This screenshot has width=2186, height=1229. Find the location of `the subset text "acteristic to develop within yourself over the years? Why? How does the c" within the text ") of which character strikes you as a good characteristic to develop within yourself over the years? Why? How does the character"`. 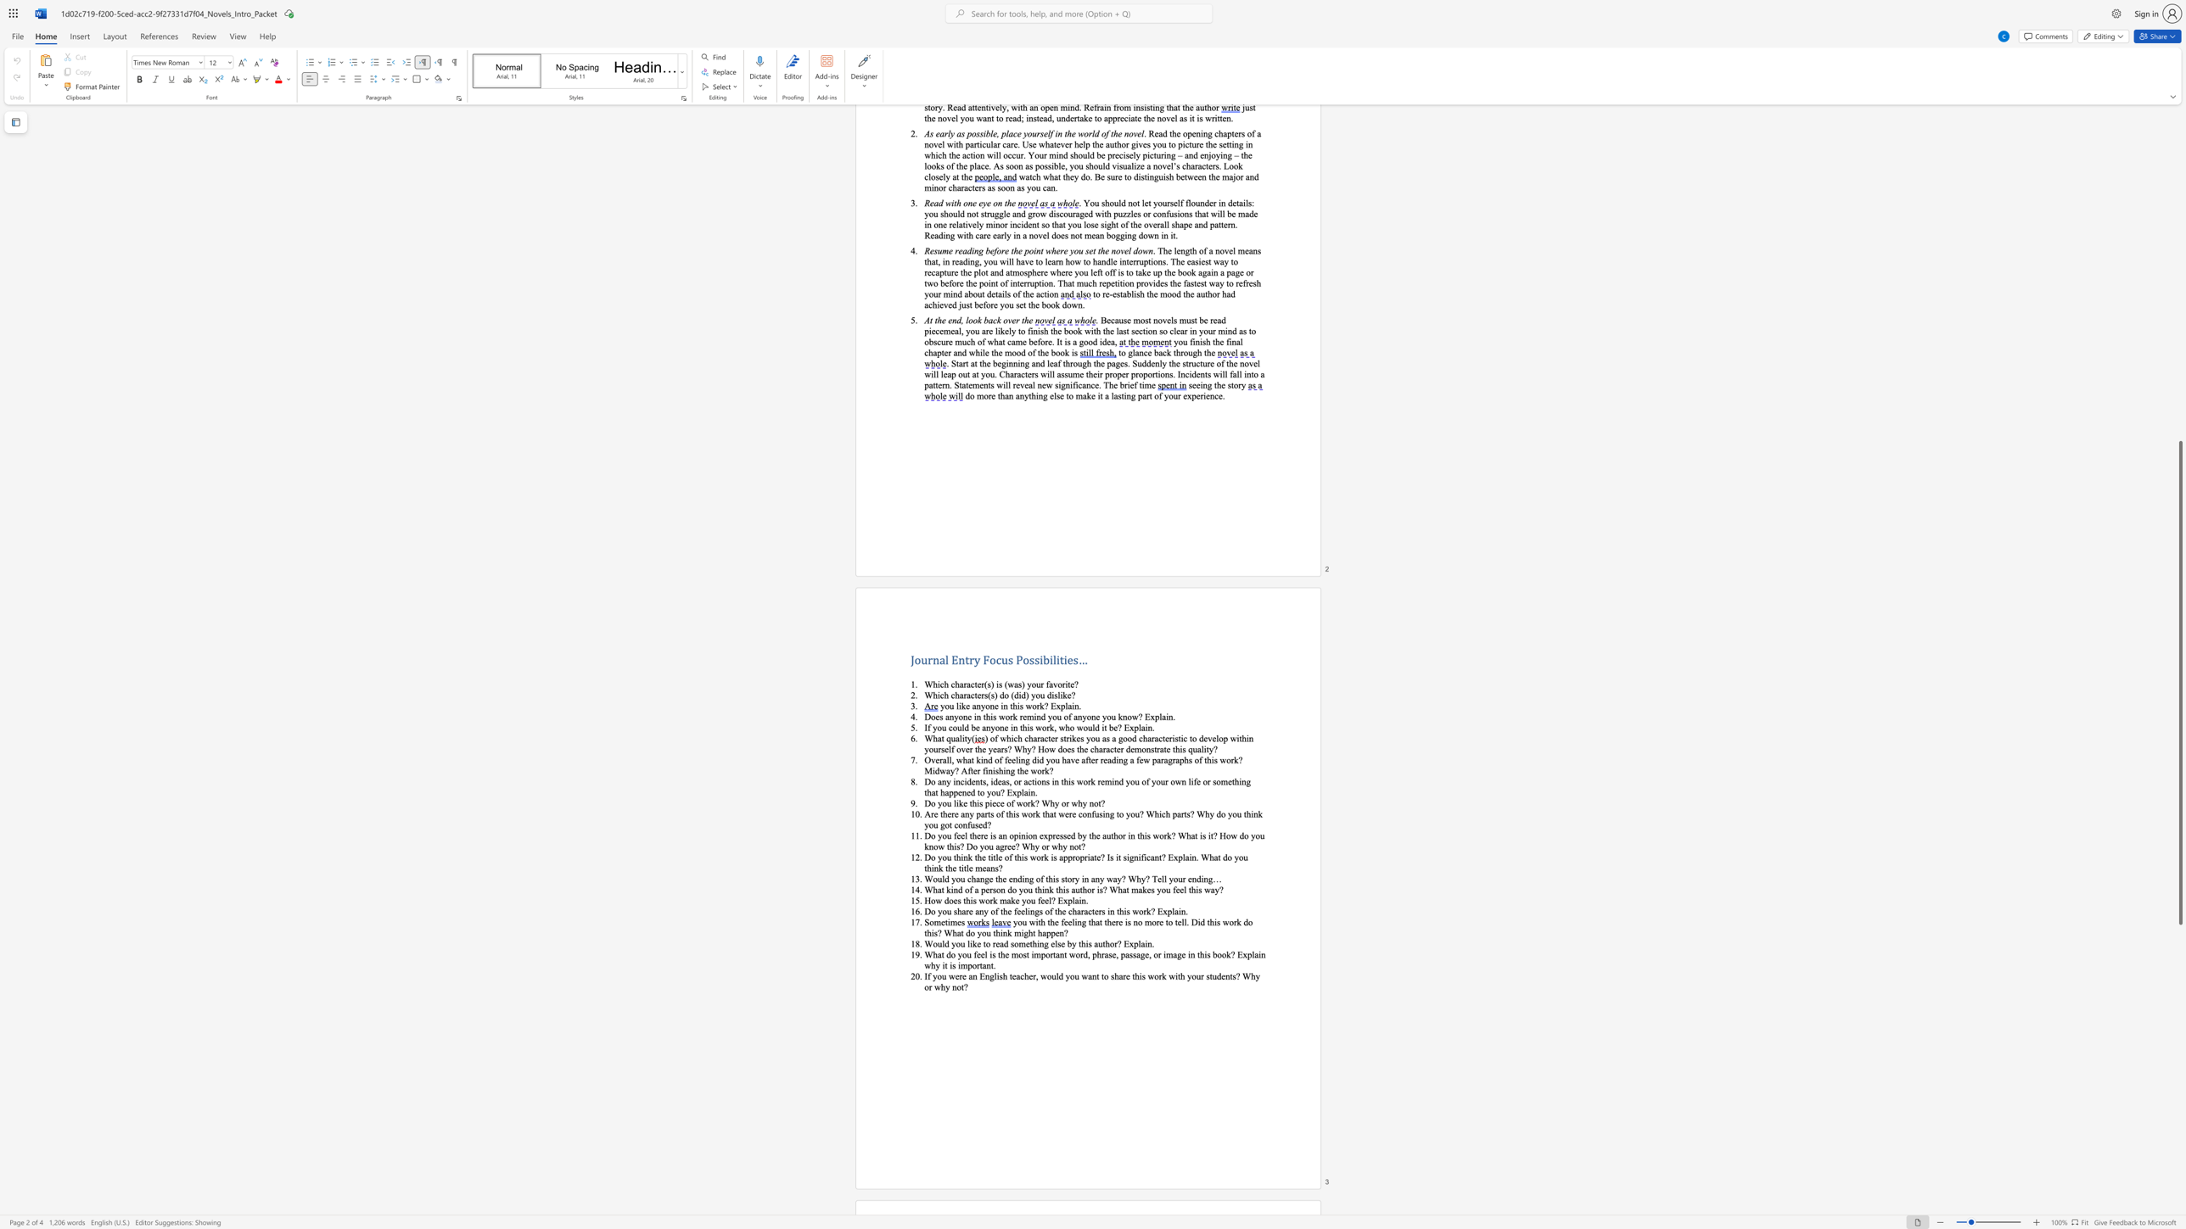

the subset text "acteristic to develop within yourself over the years? Why? How does the c" within the text ") of which character strikes you as a good characteristic to develop within yourself over the years? Why? How does the character" is located at coordinates (1154, 737).